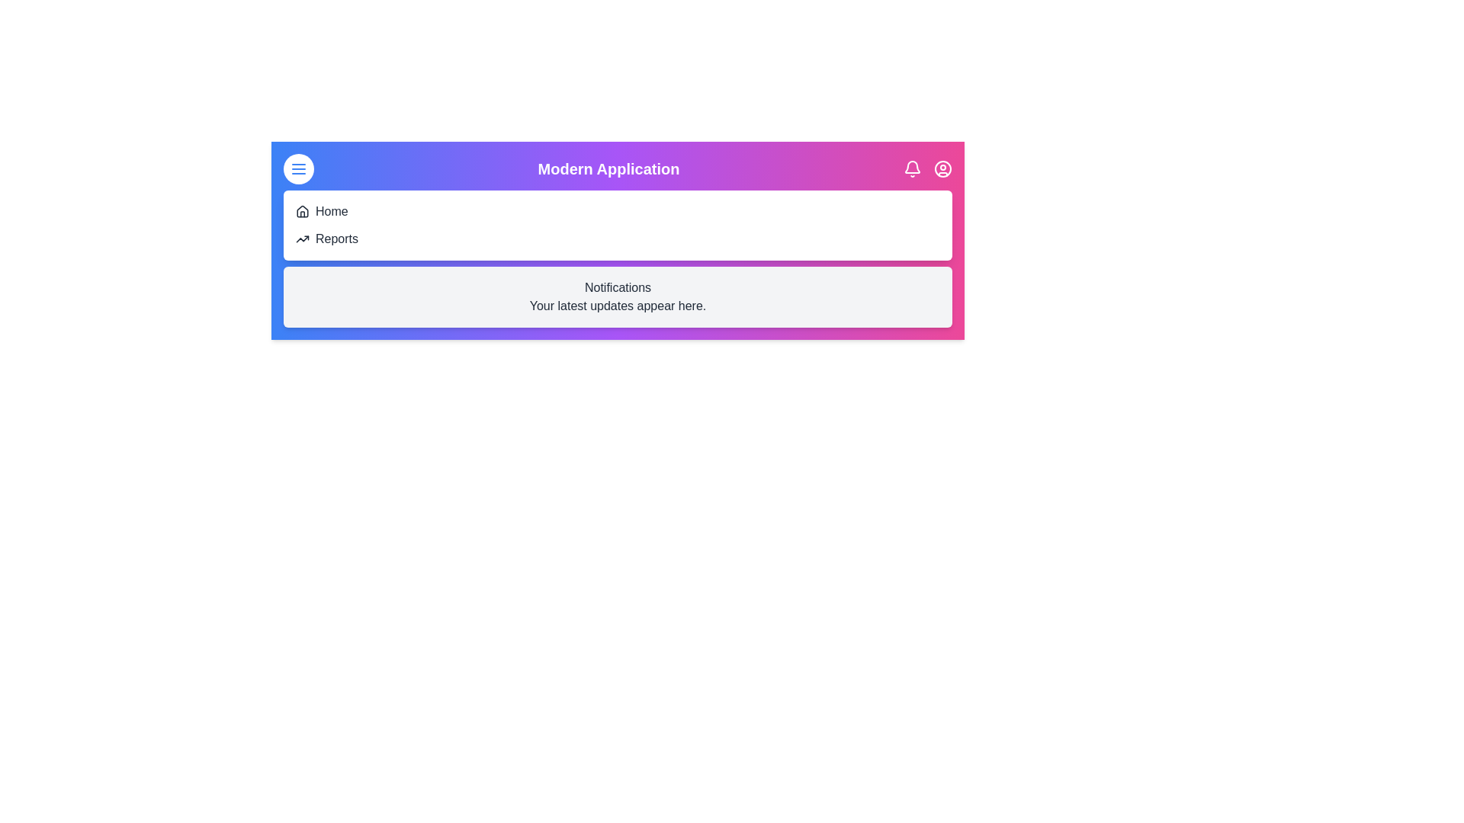 This screenshot has width=1464, height=823. Describe the element at coordinates (618, 296) in the screenshot. I see `the notification section to explore its content` at that location.